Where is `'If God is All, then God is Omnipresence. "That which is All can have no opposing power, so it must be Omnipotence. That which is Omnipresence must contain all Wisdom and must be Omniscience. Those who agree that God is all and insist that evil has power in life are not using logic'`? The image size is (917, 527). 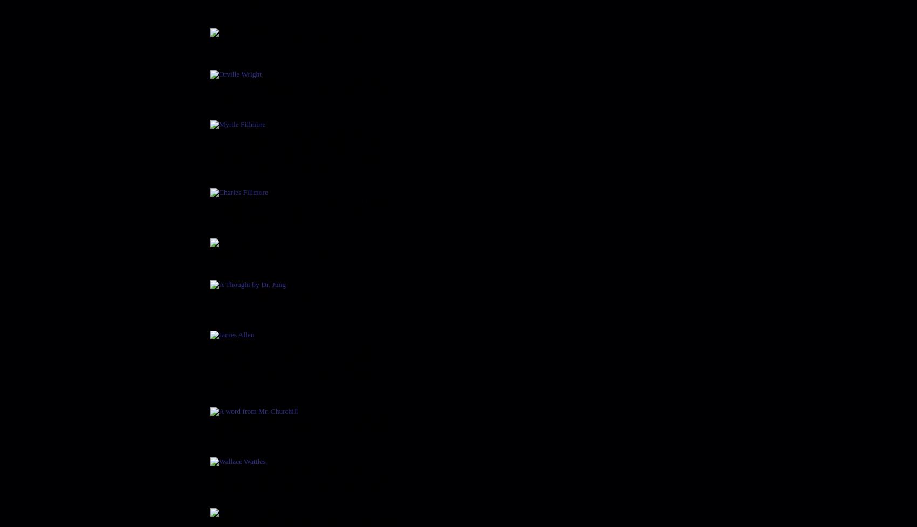
'If God is All, then God is Omnipresence. "That which is All can have no opposing power, so it must be Omnipotence. That which is Omnipresence must contain all Wisdom and must be Omniscience. Those who agree that God is all and insist that evil has power in life are not using logic' is located at coordinates (303, 149).